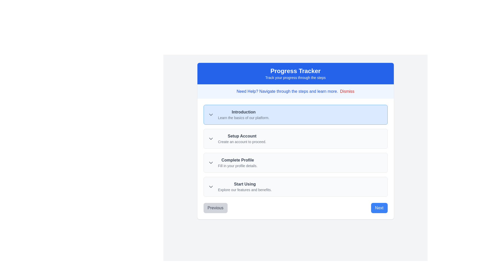  I want to click on the Text Display (Informative Label) indicating the need to complete profile details, positioned within the Progress Tracker interface, between 'Setup Account' and 'Start Using', so click(237, 163).